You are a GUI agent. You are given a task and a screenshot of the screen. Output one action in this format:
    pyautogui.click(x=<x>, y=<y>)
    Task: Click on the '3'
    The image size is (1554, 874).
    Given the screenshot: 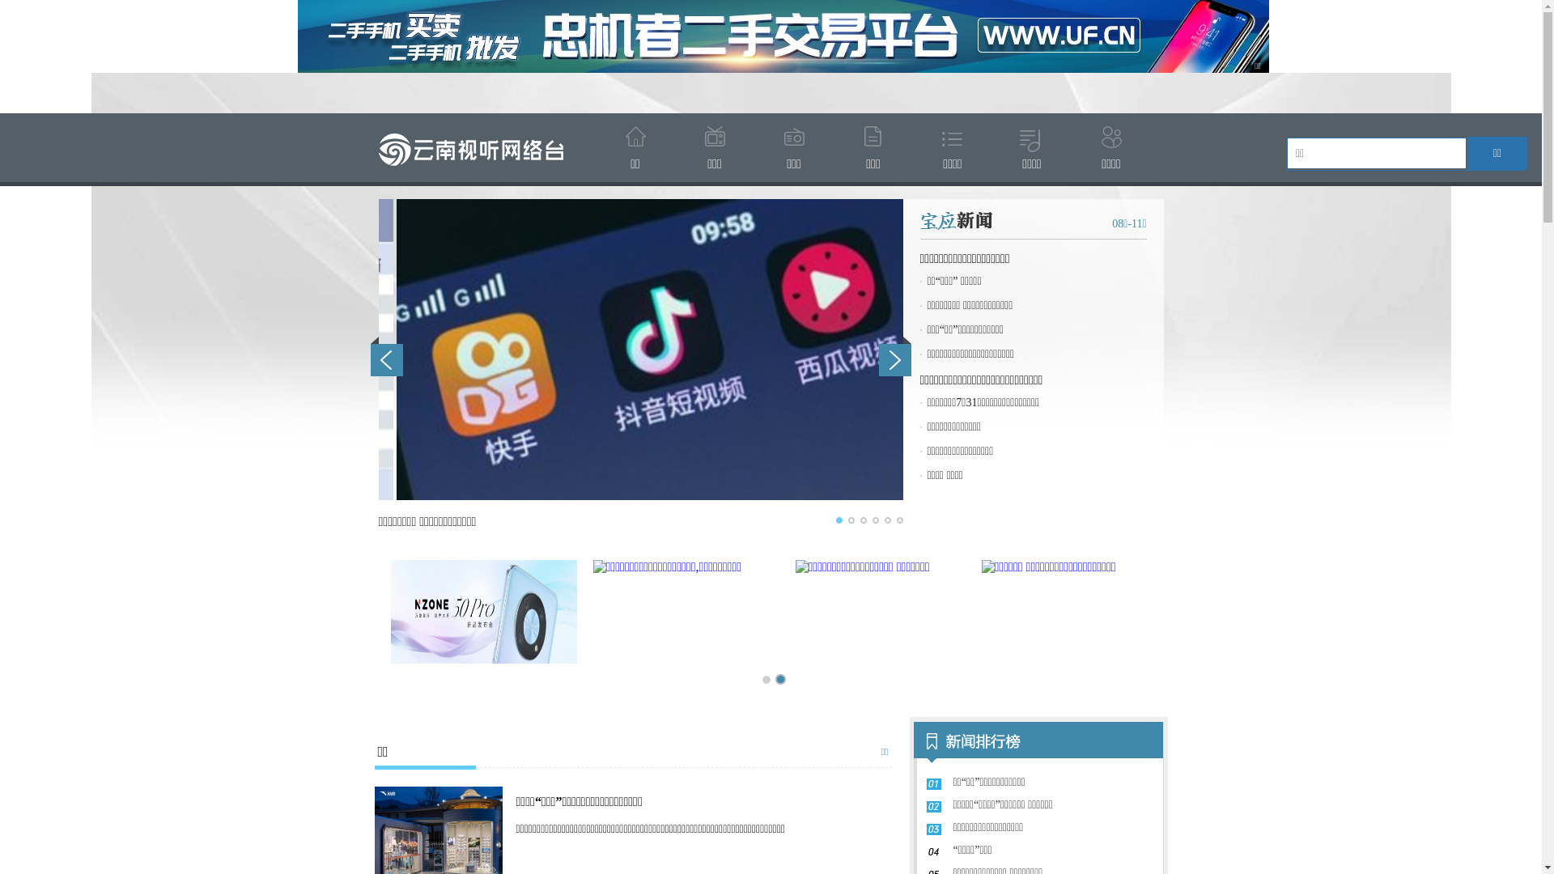 What is the action you would take?
    pyautogui.click(x=858, y=520)
    